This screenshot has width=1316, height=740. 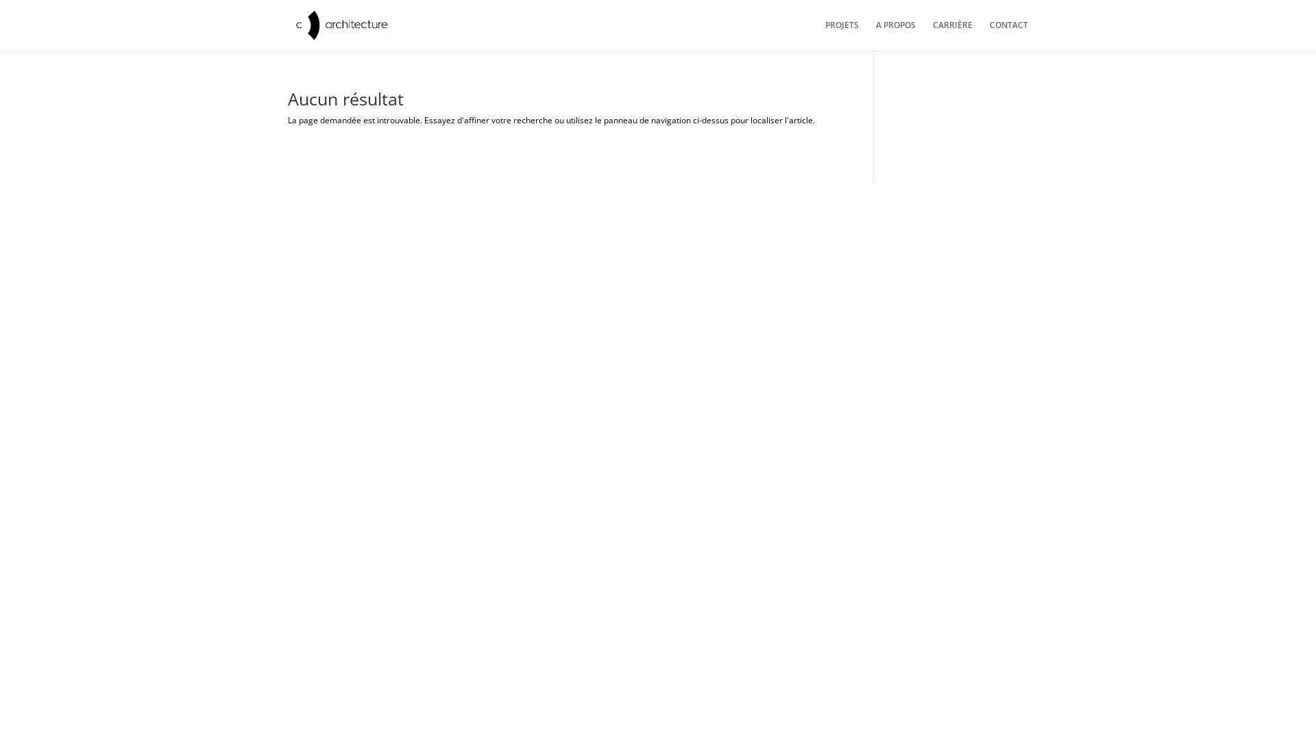 I want to click on 'A PROPOS', so click(x=895, y=34).